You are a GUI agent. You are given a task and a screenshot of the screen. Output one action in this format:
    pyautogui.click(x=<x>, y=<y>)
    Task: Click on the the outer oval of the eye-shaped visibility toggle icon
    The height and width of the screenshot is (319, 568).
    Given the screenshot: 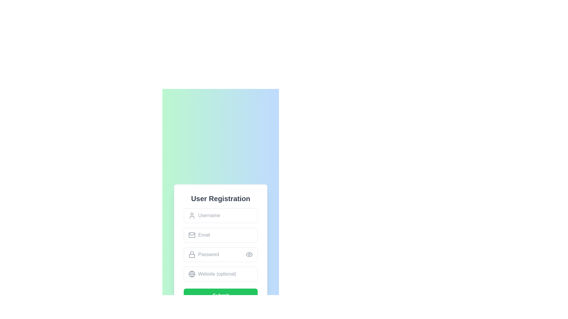 What is the action you would take?
    pyautogui.click(x=249, y=254)
    